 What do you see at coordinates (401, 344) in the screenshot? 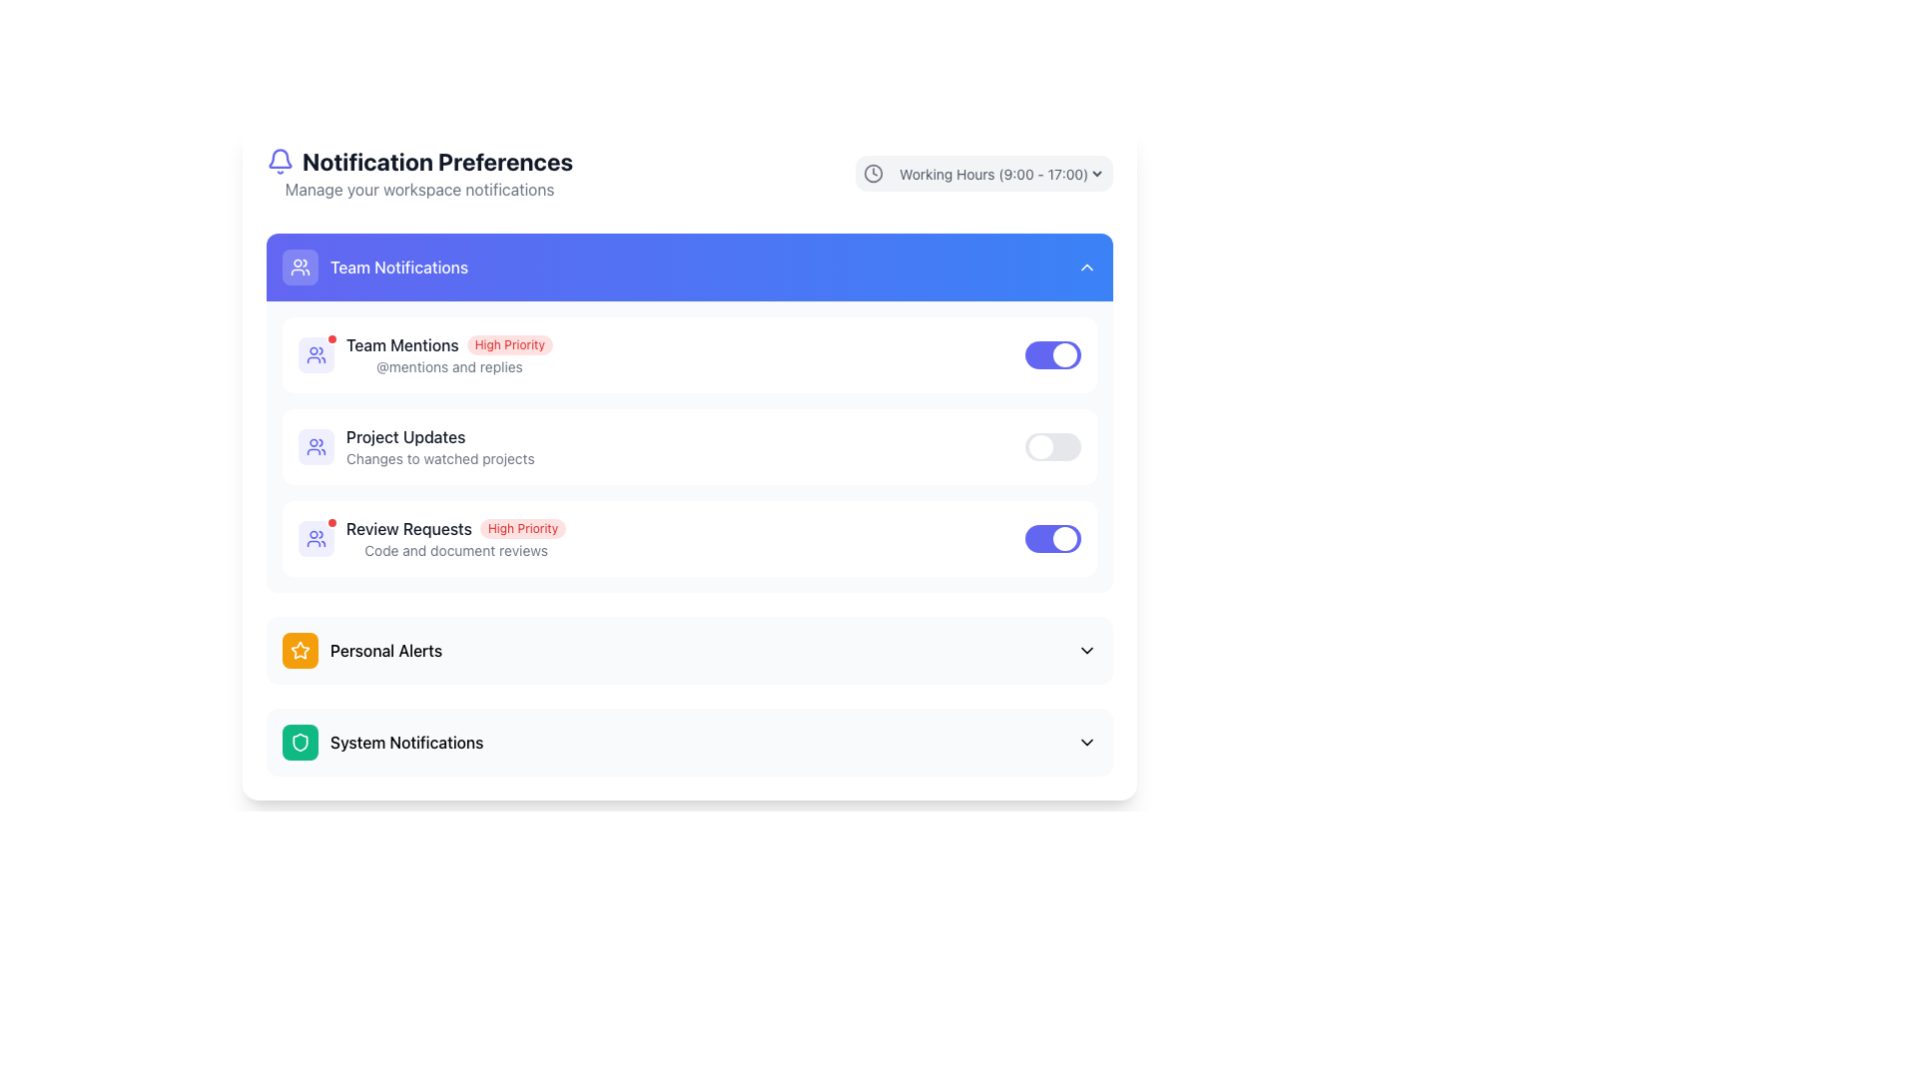
I see `the Static Text element that serves as a label for team mentions, located at the top of the notification settings list and aligned to the left` at bounding box center [401, 344].